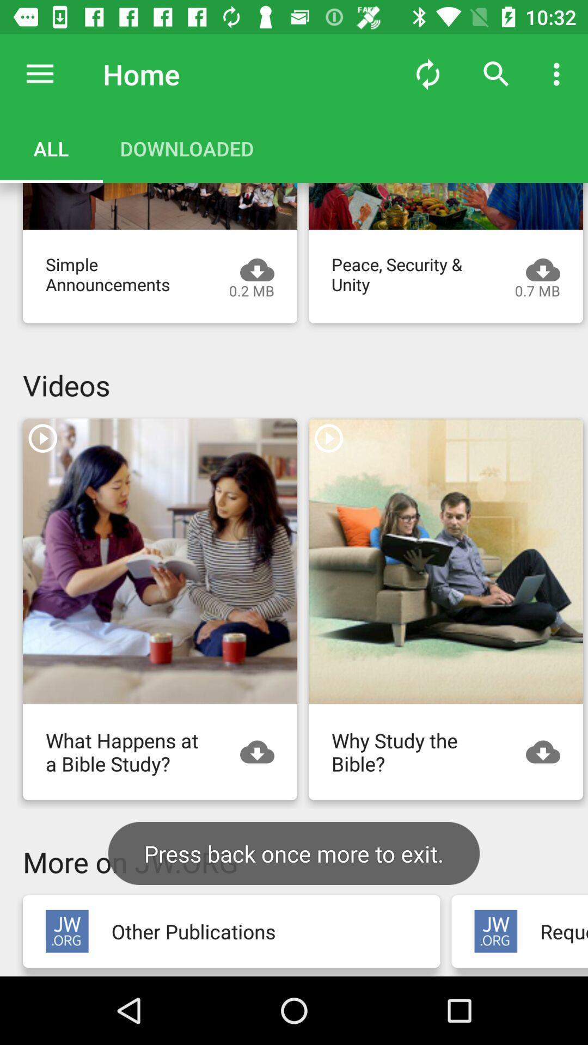 The height and width of the screenshot is (1045, 588). What do you see at coordinates (548, 751) in the screenshot?
I see `download` at bounding box center [548, 751].